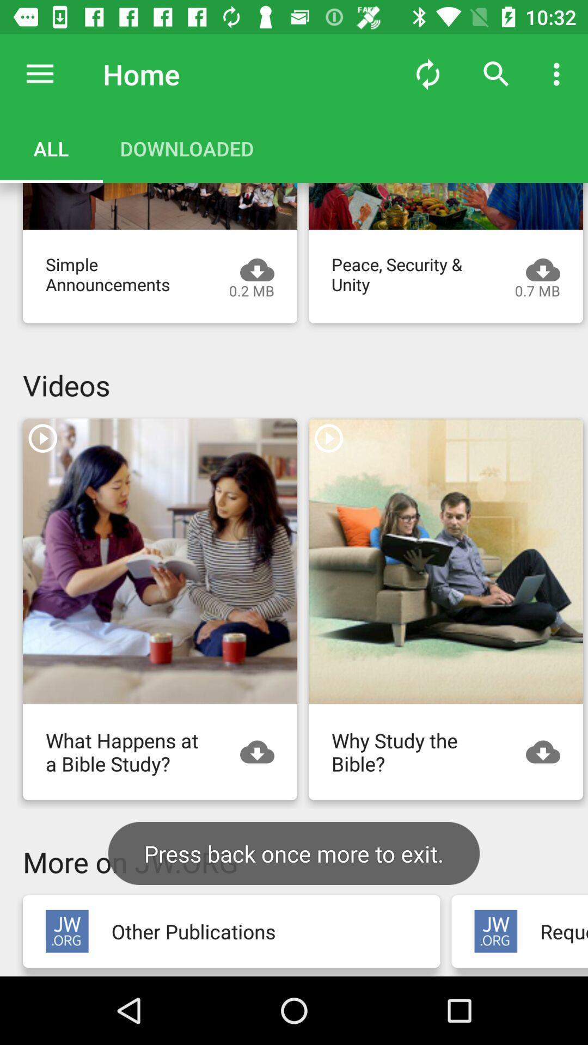 The height and width of the screenshot is (1045, 588). What do you see at coordinates (548, 751) in the screenshot?
I see `download` at bounding box center [548, 751].